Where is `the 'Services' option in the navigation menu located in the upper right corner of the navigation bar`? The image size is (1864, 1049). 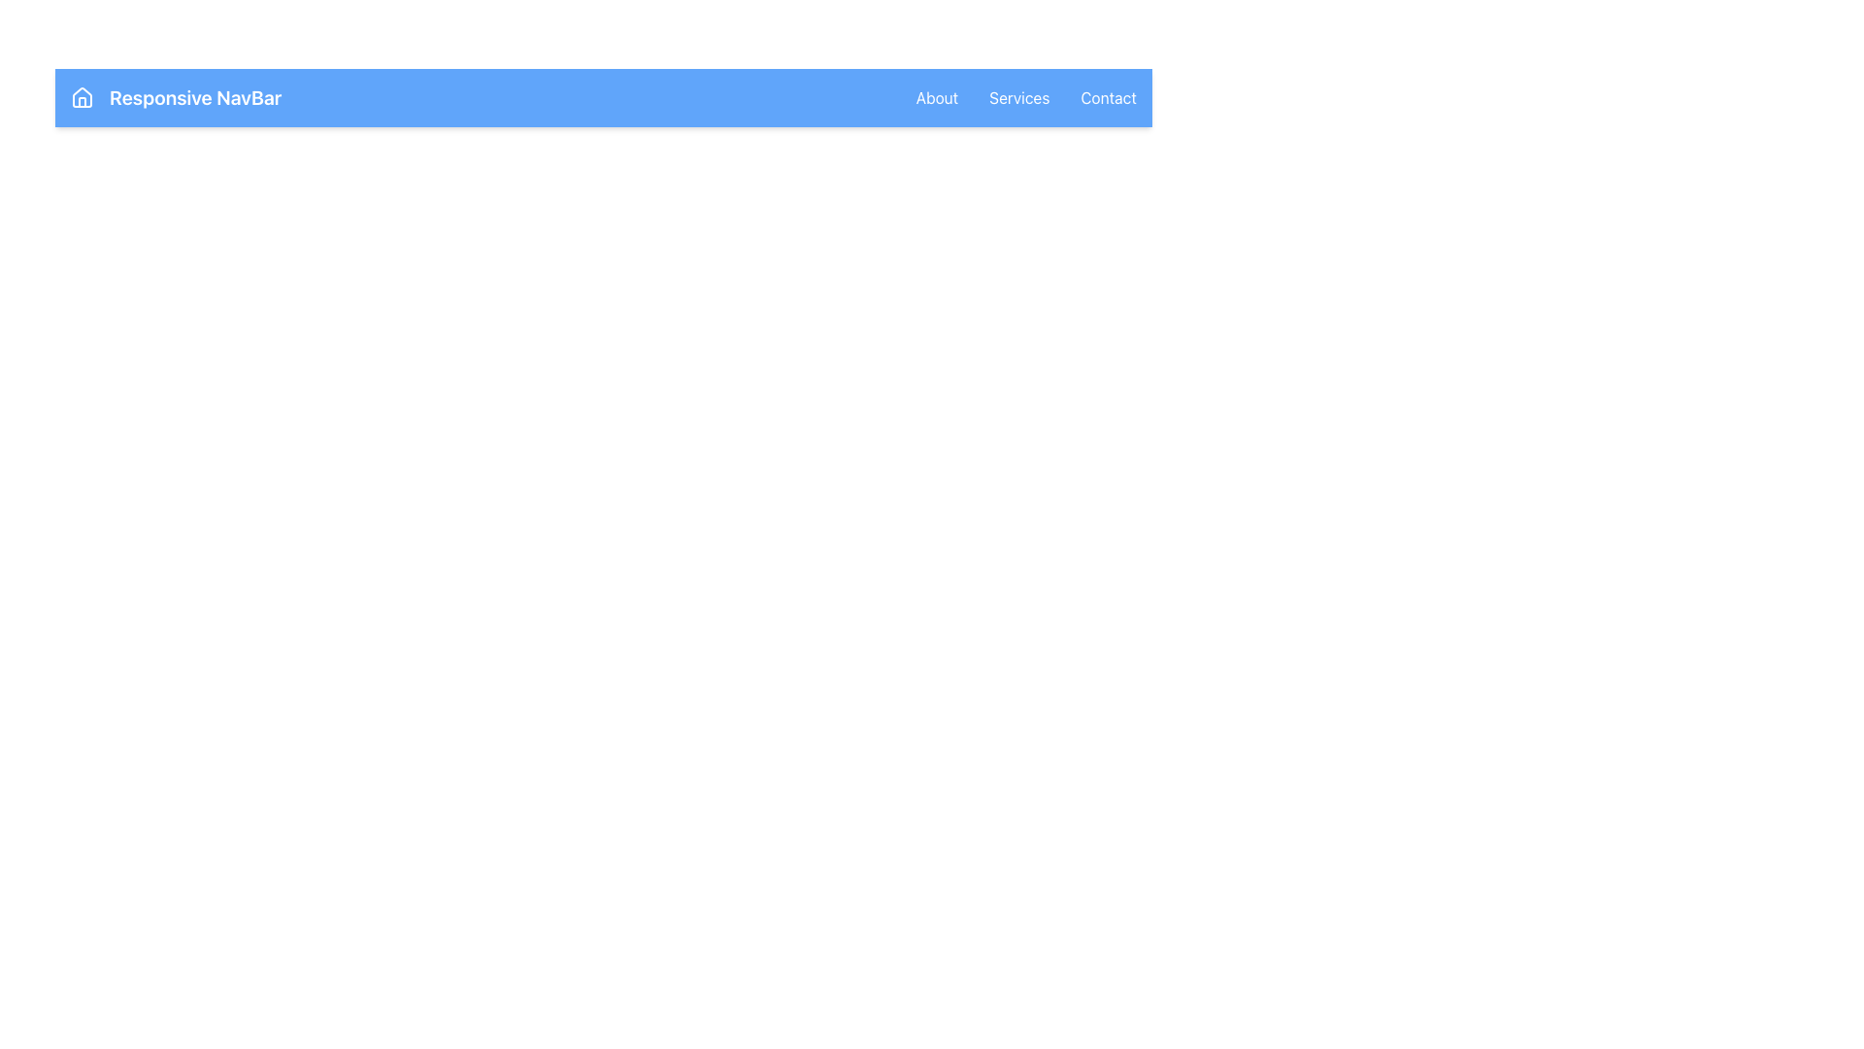
the 'Services' option in the navigation menu located in the upper right corner of the navigation bar is located at coordinates (1025, 97).